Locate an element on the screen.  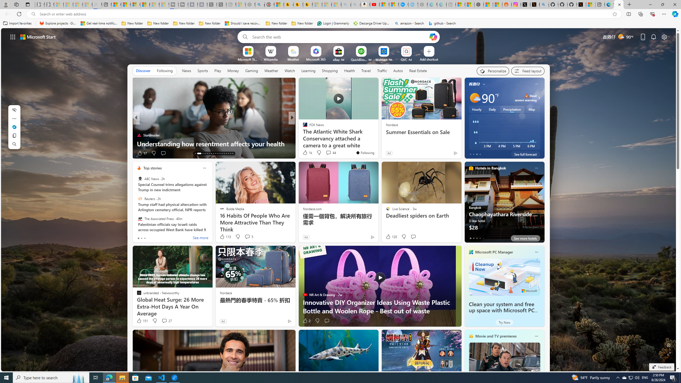
'Opinion: Op-Ed and Commentary - USA TODAY' is located at coordinates (403, 4).